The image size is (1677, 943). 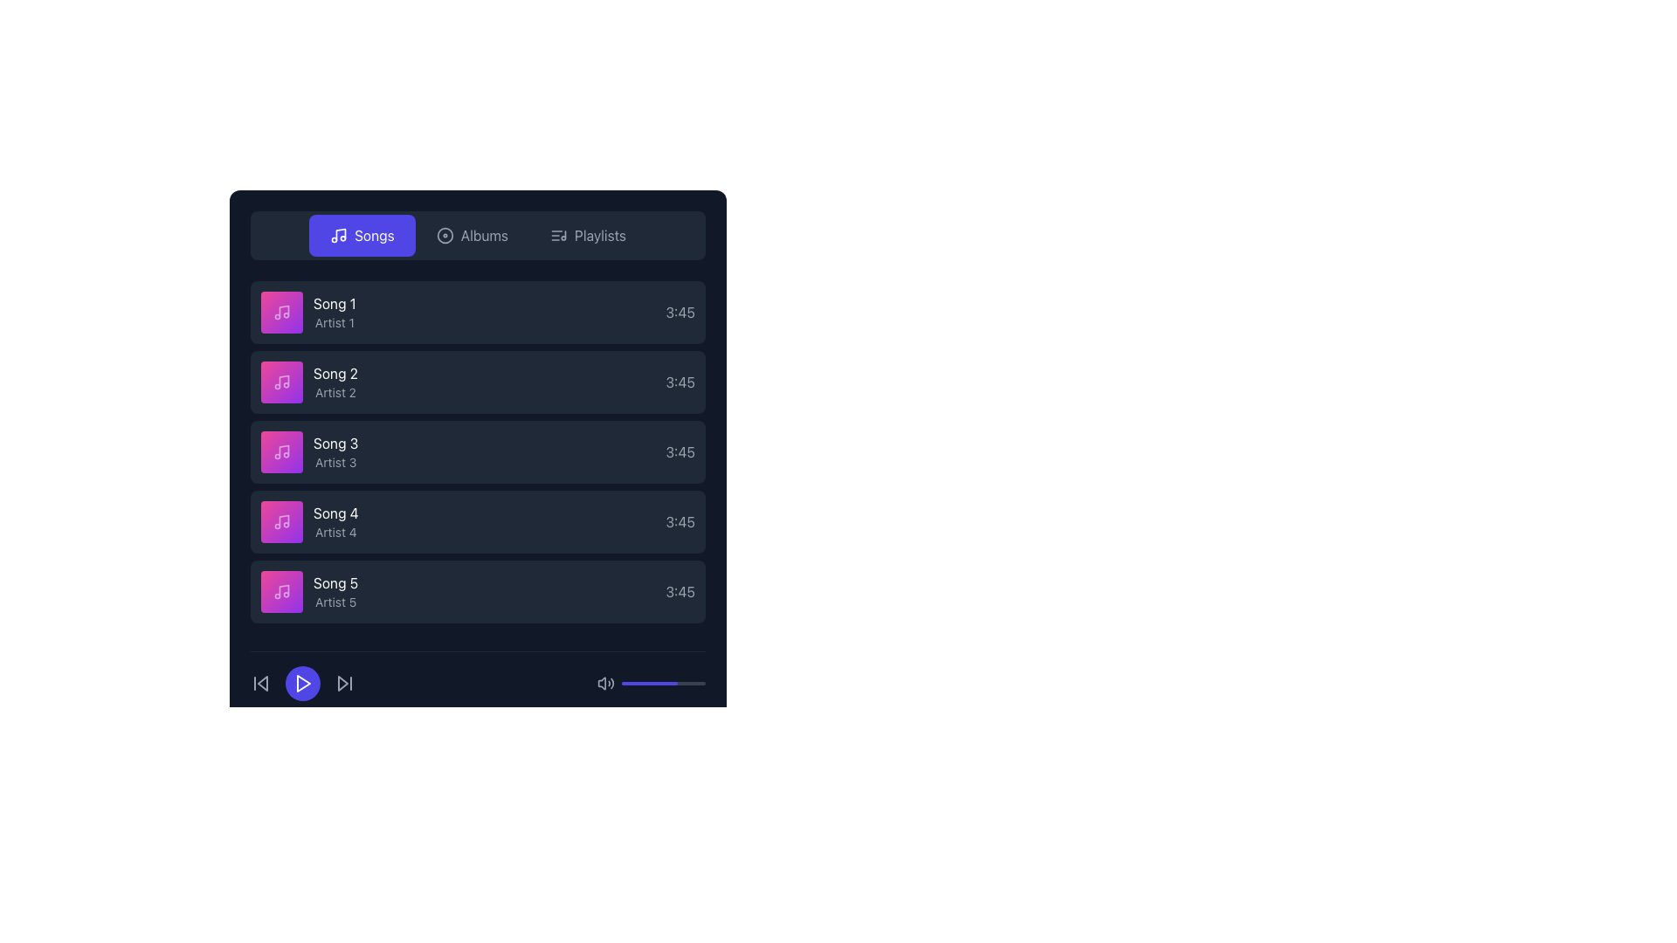 I want to click on the volume, so click(x=695, y=683).